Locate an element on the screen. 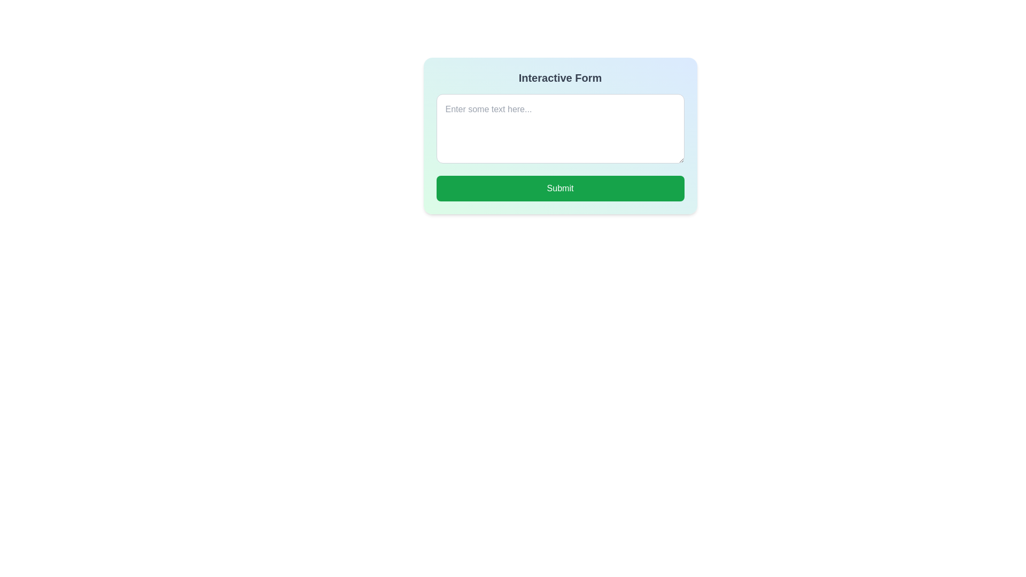  bold text 'Interactive Form' located at the upper-center of the card-like section with a gradient background is located at coordinates (559, 77).